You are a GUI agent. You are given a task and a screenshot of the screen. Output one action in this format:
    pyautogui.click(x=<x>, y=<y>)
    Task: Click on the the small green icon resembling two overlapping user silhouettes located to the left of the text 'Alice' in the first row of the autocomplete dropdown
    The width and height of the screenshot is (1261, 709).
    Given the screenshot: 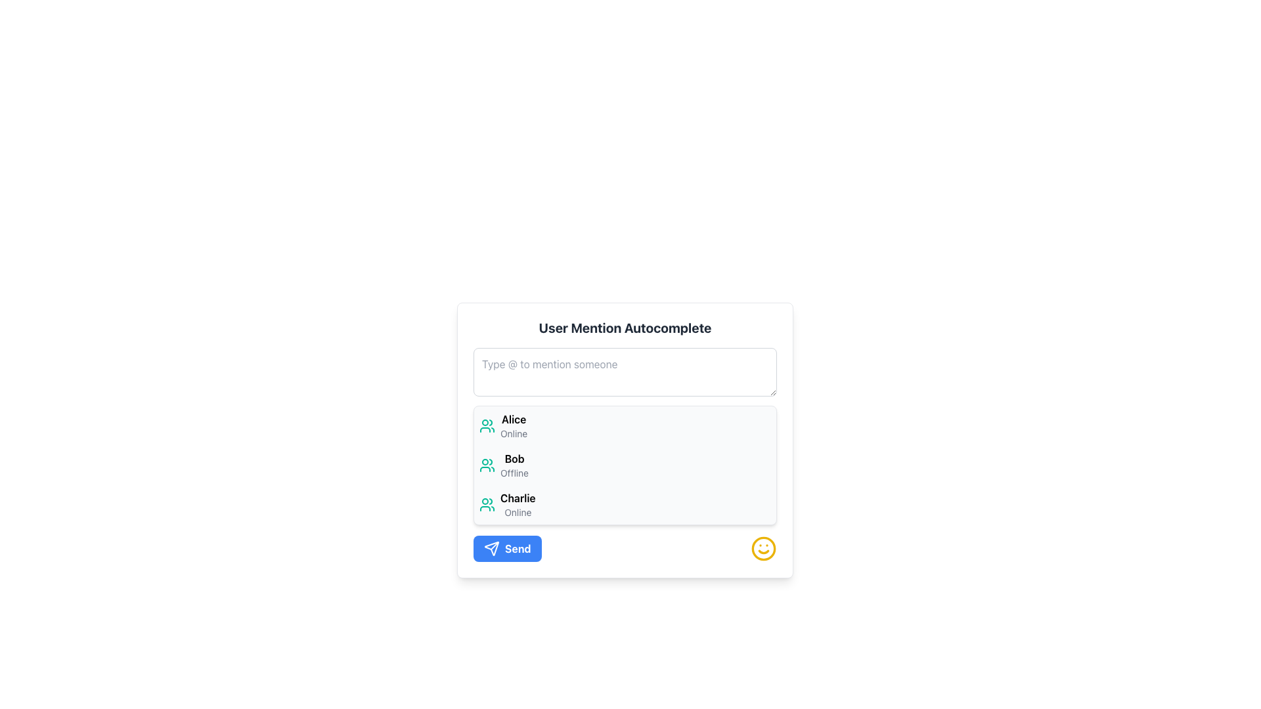 What is the action you would take?
    pyautogui.click(x=487, y=425)
    